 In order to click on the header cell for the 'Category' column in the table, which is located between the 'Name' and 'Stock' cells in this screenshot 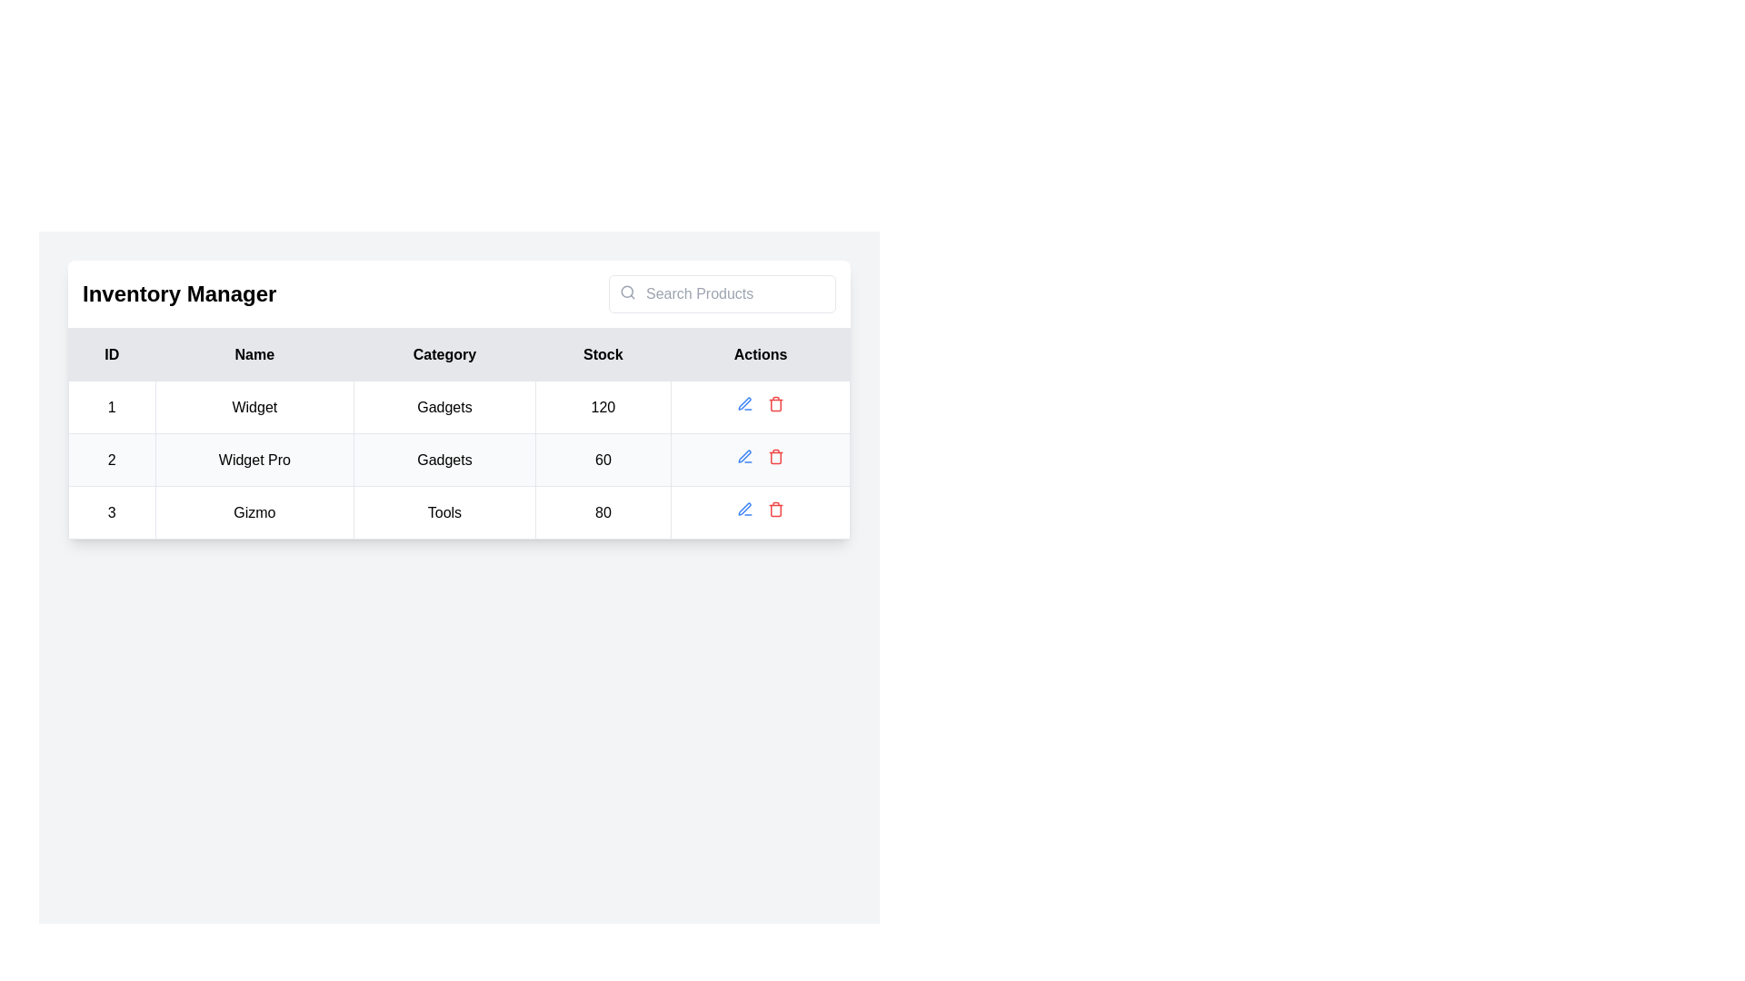, I will do `click(444, 354)`.